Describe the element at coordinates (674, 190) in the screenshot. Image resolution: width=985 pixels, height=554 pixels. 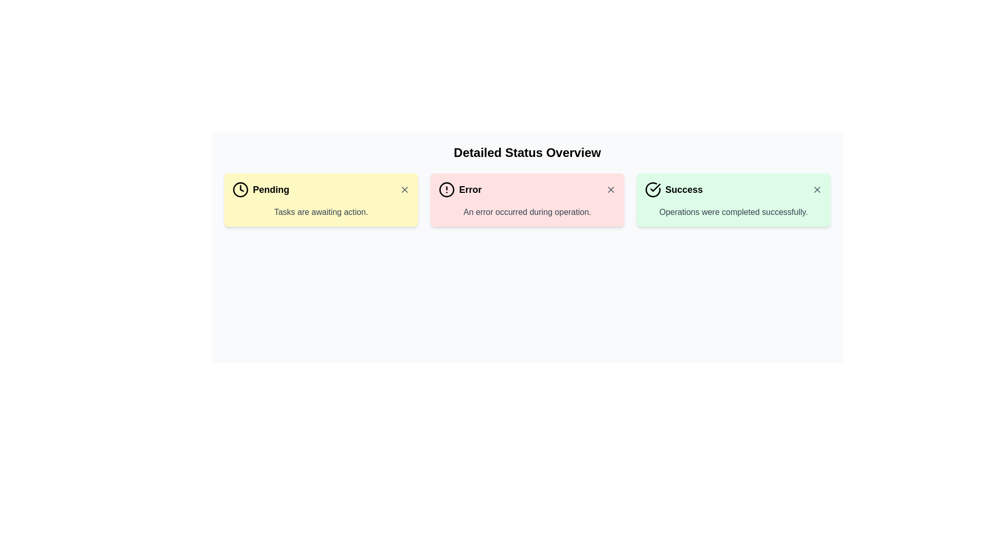
I see `the Status indicator, which shows successful completion with a textual label and icon, located in the third column of a three-column layout` at that location.